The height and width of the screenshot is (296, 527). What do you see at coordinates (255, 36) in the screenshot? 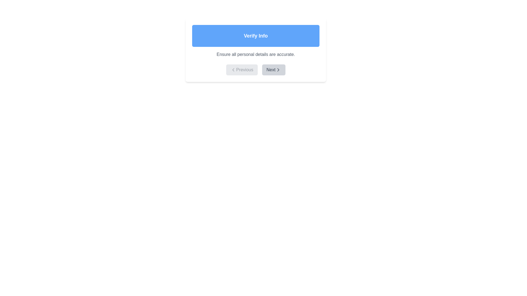
I see `the rectangular button with rounded corners labeled 'Verify Info' to observe any hover effects` at bounding box center [255, 36].